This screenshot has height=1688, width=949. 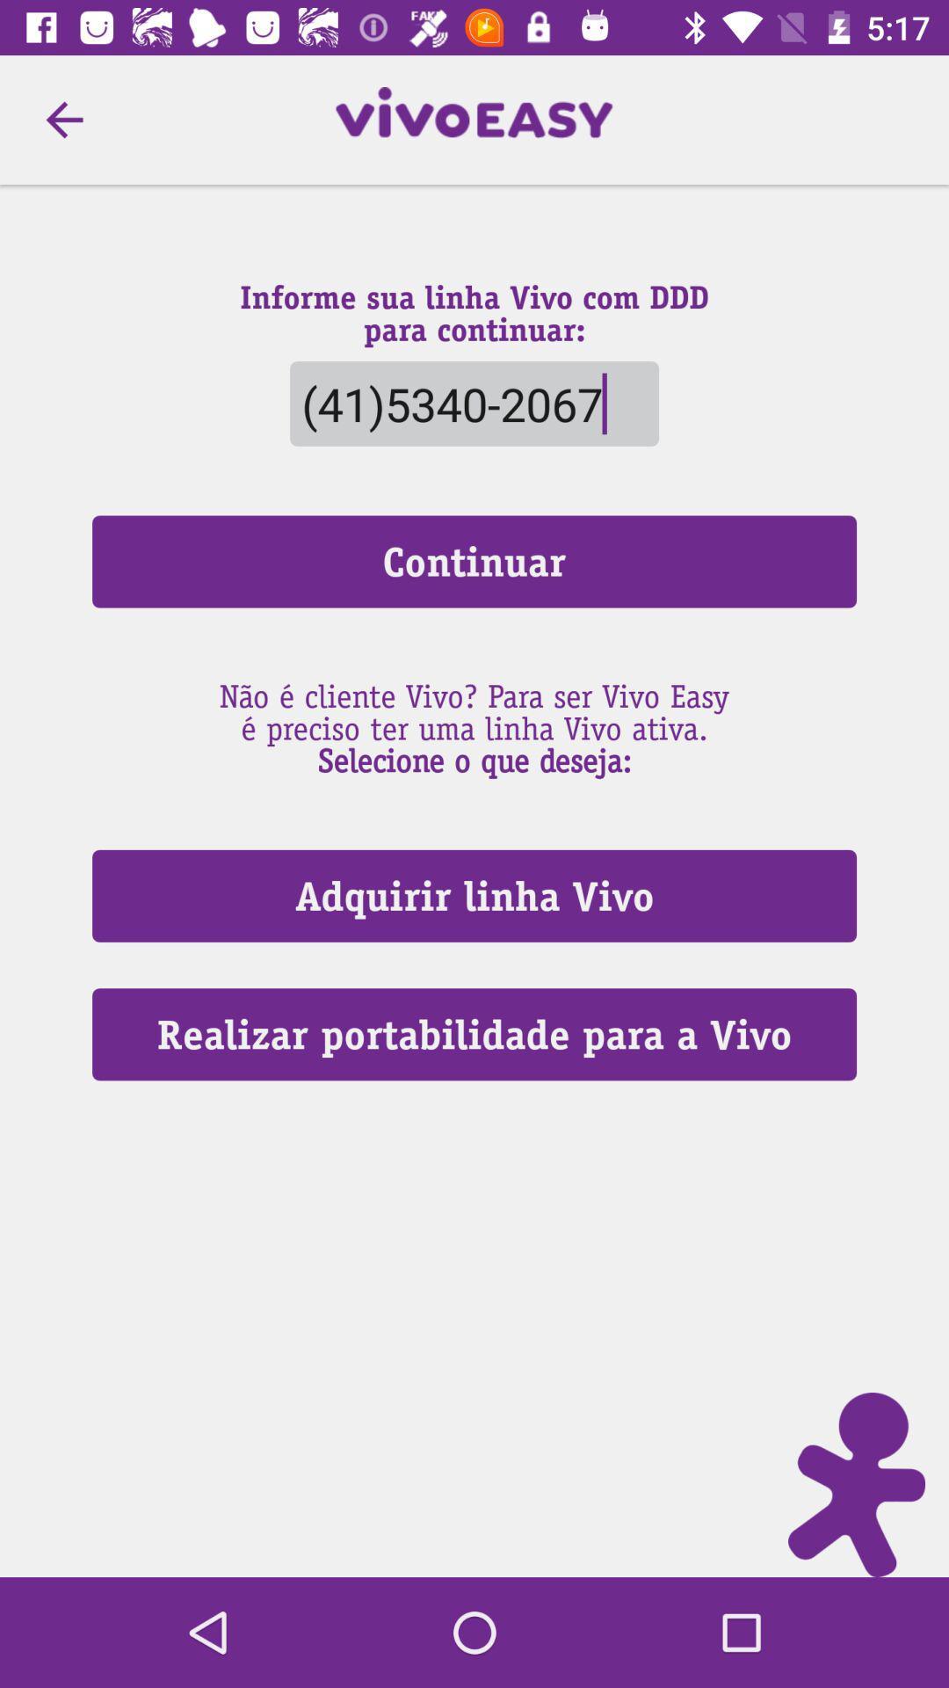 I want to click on the item below informe sua linha icon, so click(x=474, y=403).